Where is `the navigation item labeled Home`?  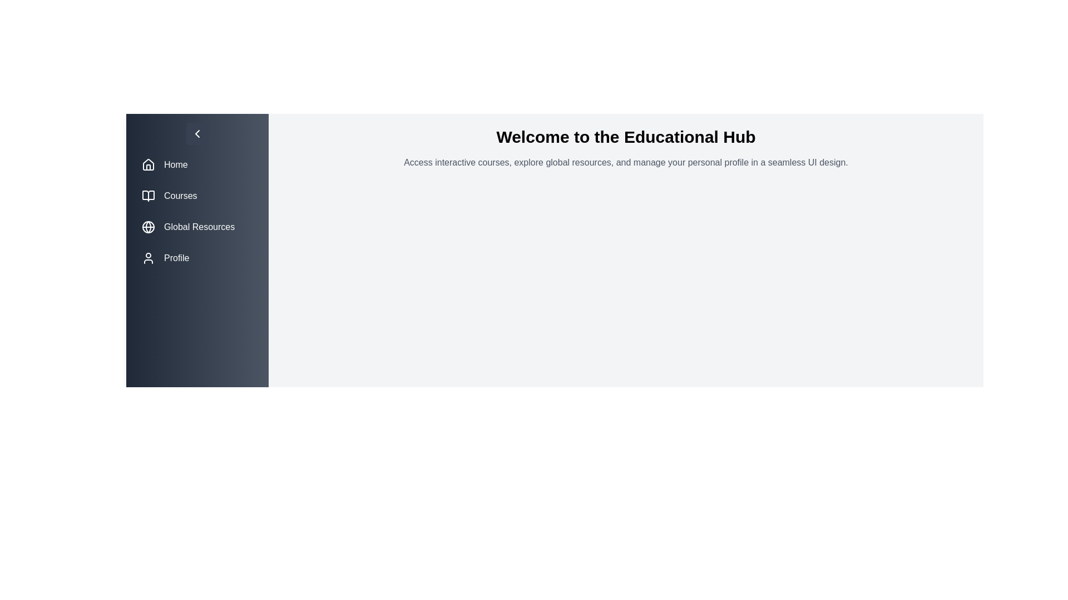 the navigation item labeled Home is located at coordinates (197, 165).